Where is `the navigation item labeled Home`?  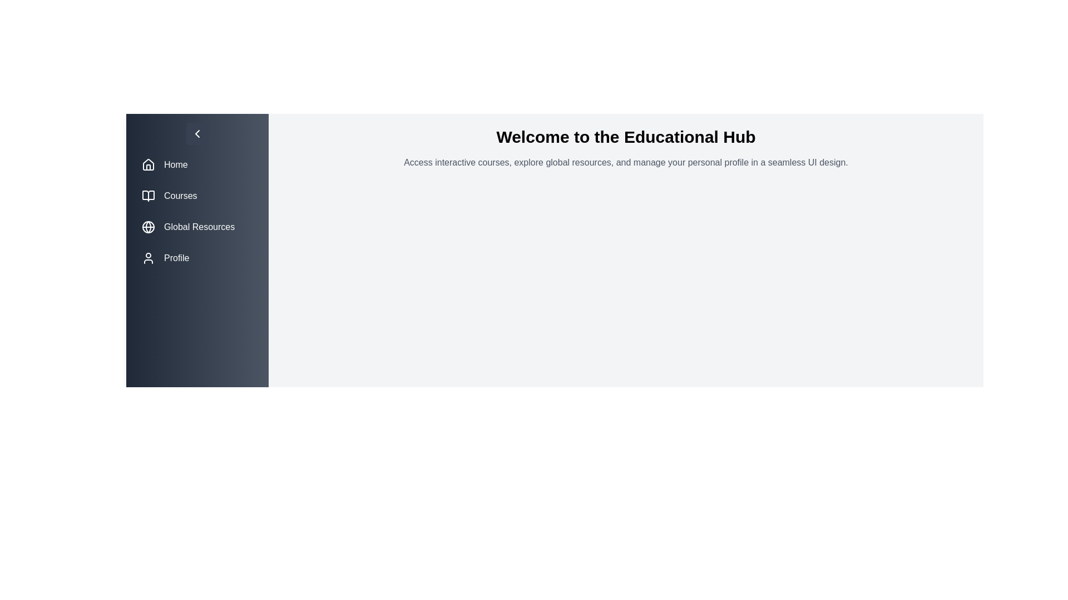 the navigation item labeled Home is located at coordinates (197, 165).